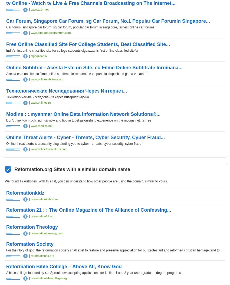 This screenshot has height=285, width=230. What do you see at coordinates (77, 74) in the screenshot?
I see `'Acesta este un site, cu filme online subtitrate in romana, ce va pune la dispozitie o gama variata de'` at bounding box center [77, 74].